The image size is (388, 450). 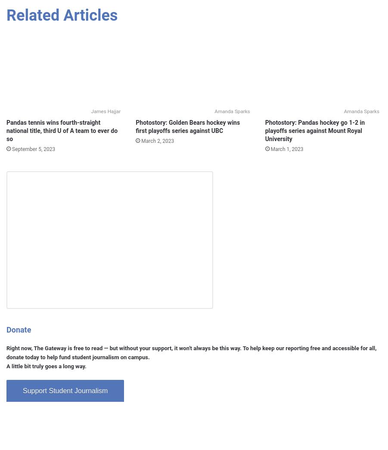 I want to click on 'Right now, The Gateway is free to read — but without your support, it won't always be this way. To help keep our reporting free and accessible for all, donate today to help fund student journalism on campus.', so click(x=191, y=352).